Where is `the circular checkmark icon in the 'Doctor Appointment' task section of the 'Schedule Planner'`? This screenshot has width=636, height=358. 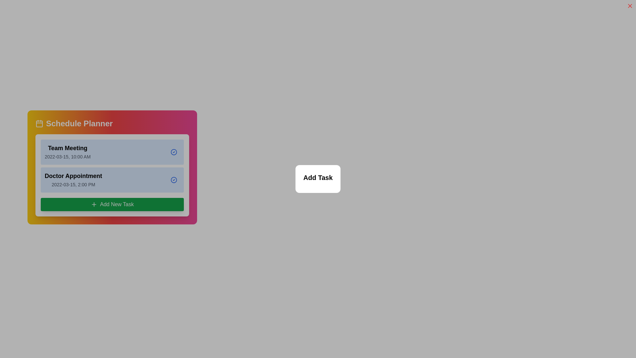 the circular checkmark icon in the 'Doctor Appointment' task section of the 'Schedule Planner' is located at coordinates (174, 180).